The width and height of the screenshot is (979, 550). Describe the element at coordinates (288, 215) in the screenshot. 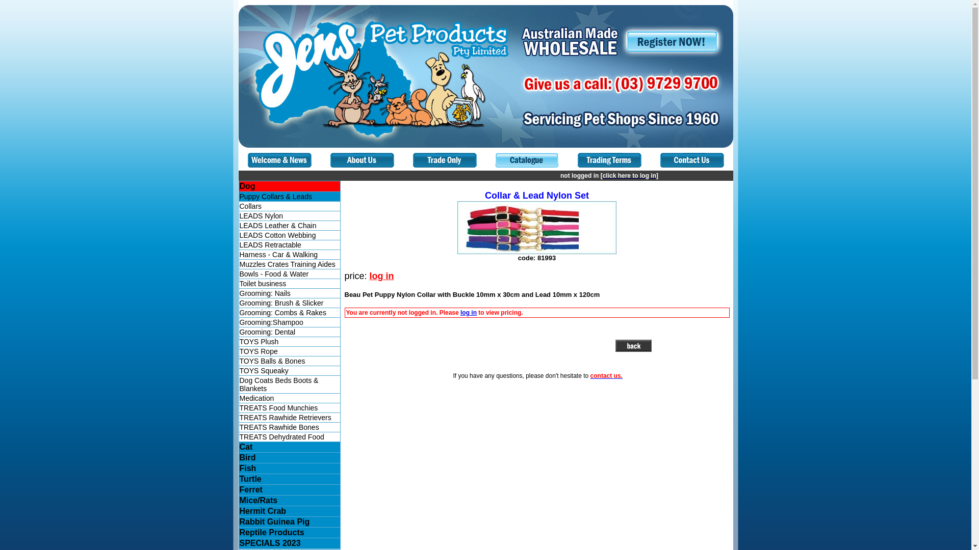

I see `'LEADS Nylon'` at that location.